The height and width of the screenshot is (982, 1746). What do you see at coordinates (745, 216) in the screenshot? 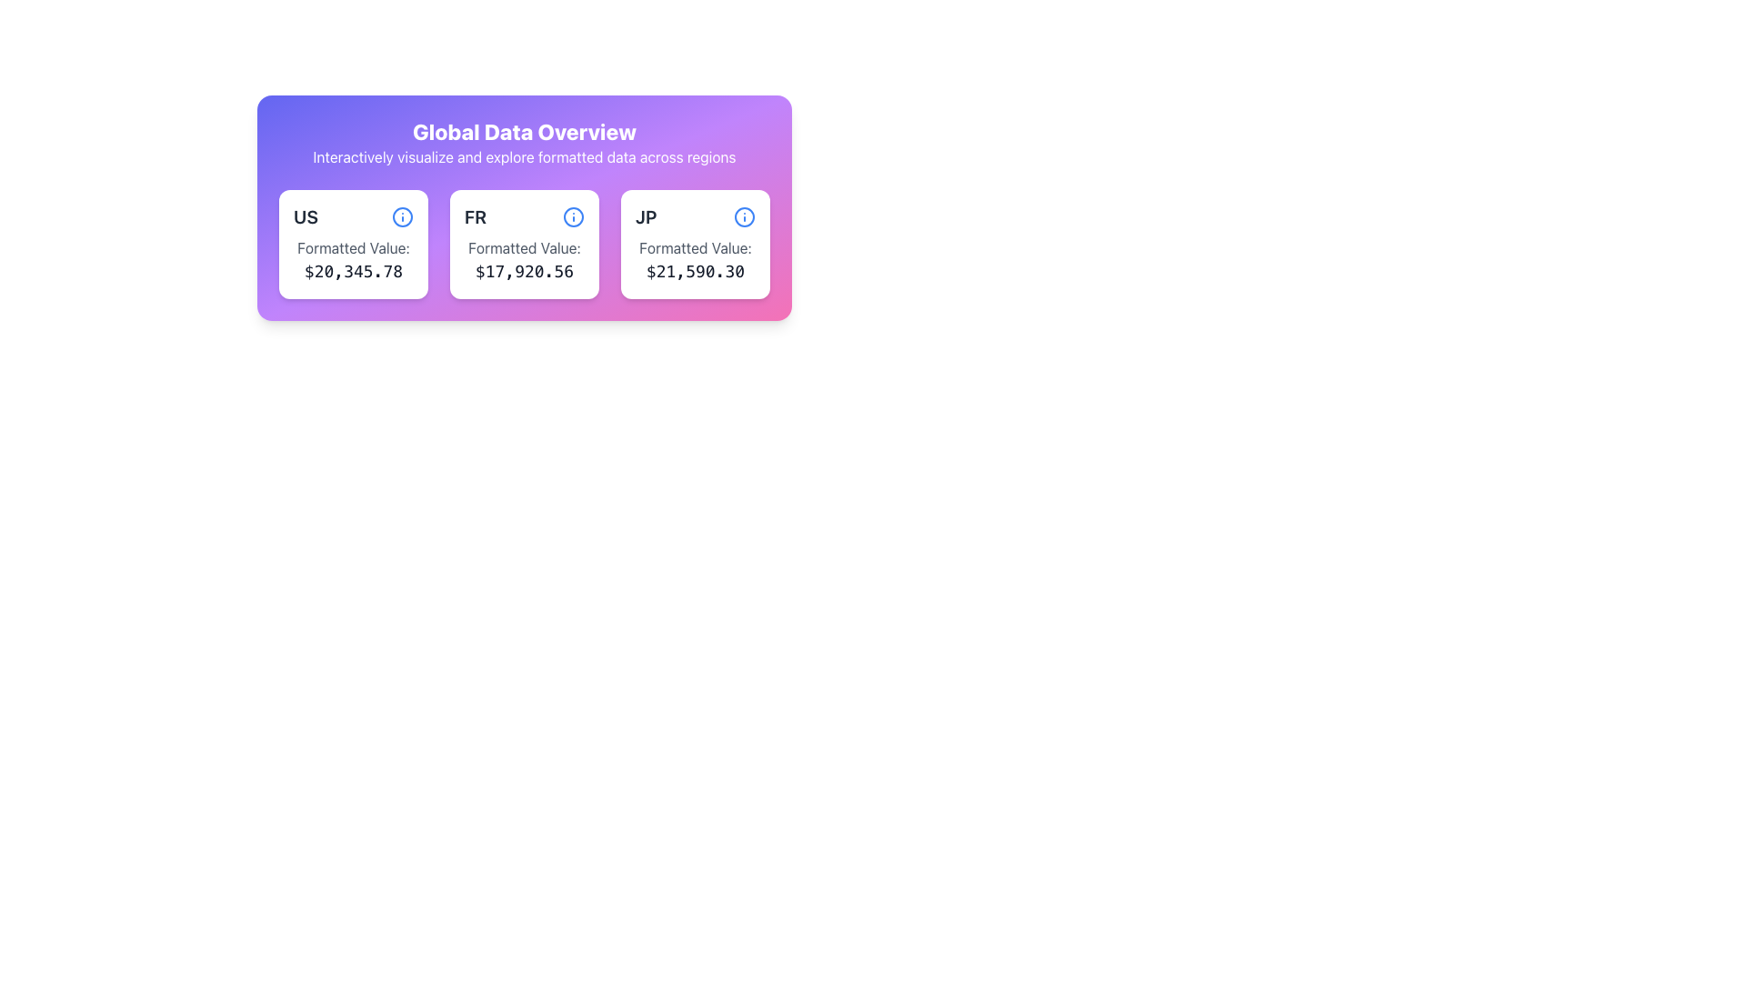
I see `the 'Information' icon represented as an SVG graphic located` at bounding box center [745, 216].